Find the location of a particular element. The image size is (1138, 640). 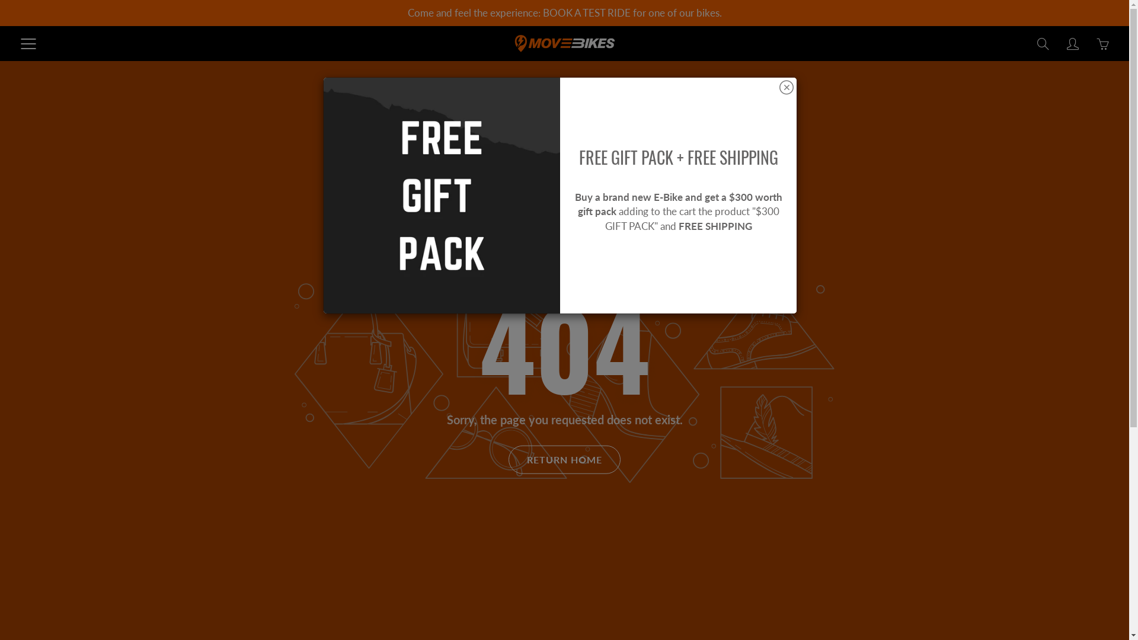

'RETURN HOME' is located at coordinates (564, 459).